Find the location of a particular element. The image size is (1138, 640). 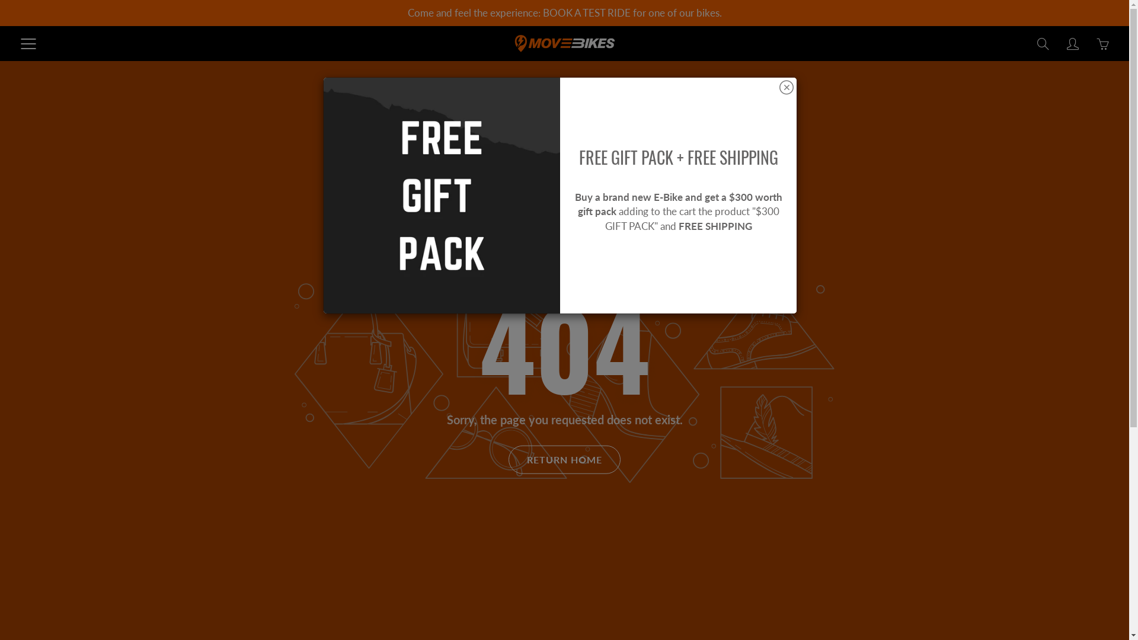

'RETURN HOME' is located at coordinates (564, 459).